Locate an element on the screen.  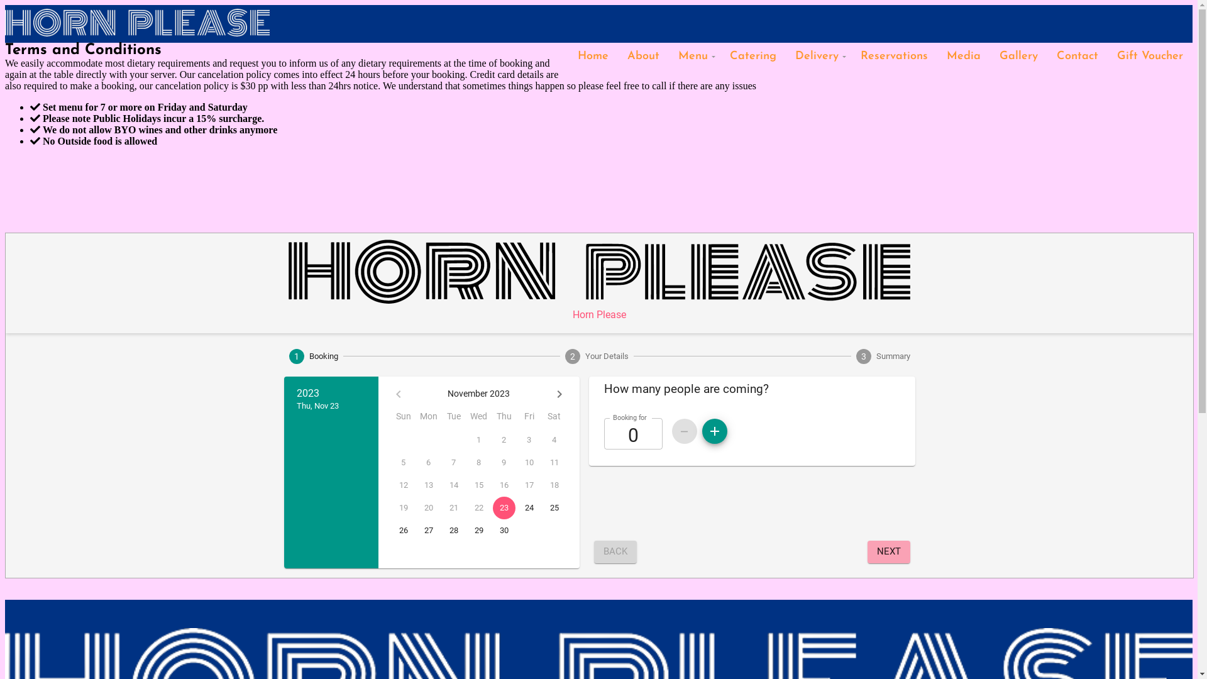
'Reservations' is located at coordinates (851, 55).